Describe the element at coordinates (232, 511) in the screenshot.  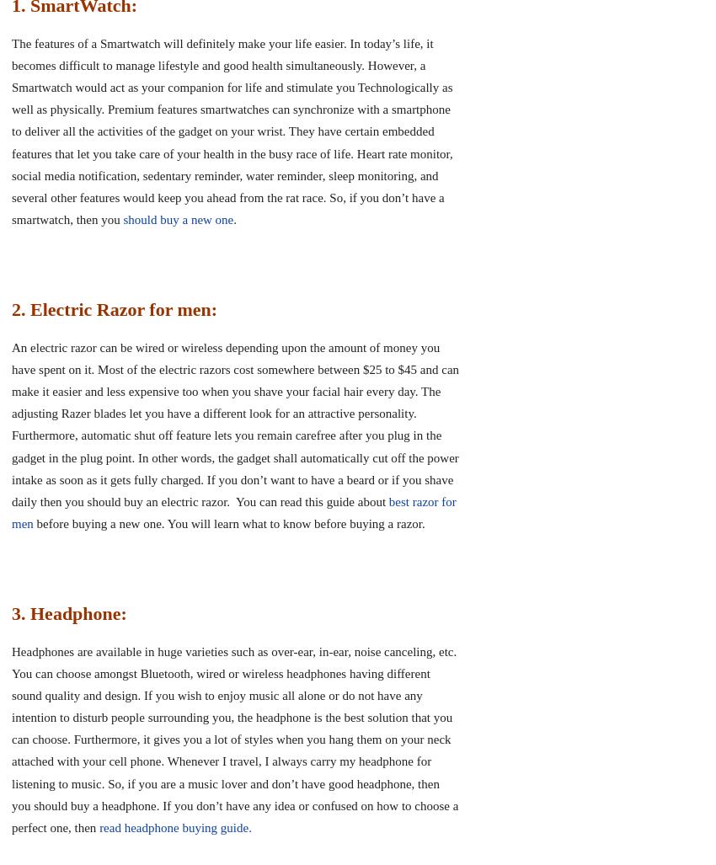
I see `'best razor for men'` at that location.